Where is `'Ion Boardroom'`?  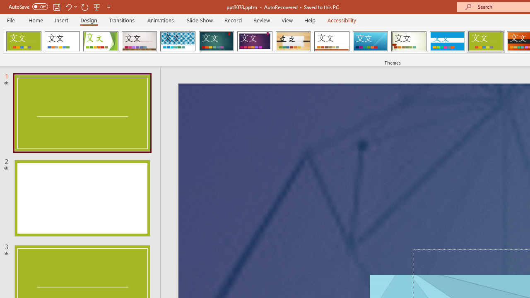
'Ion Boardroom' is located at coordinates (254, 41).